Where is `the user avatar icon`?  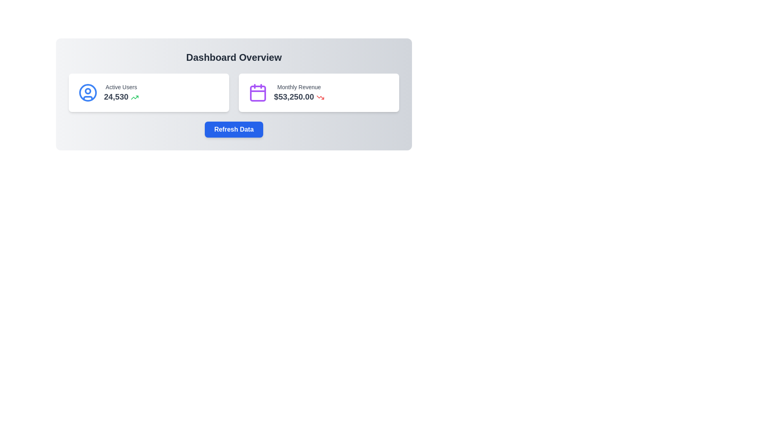
the user avatar icon is located at coordinates (88, 92).